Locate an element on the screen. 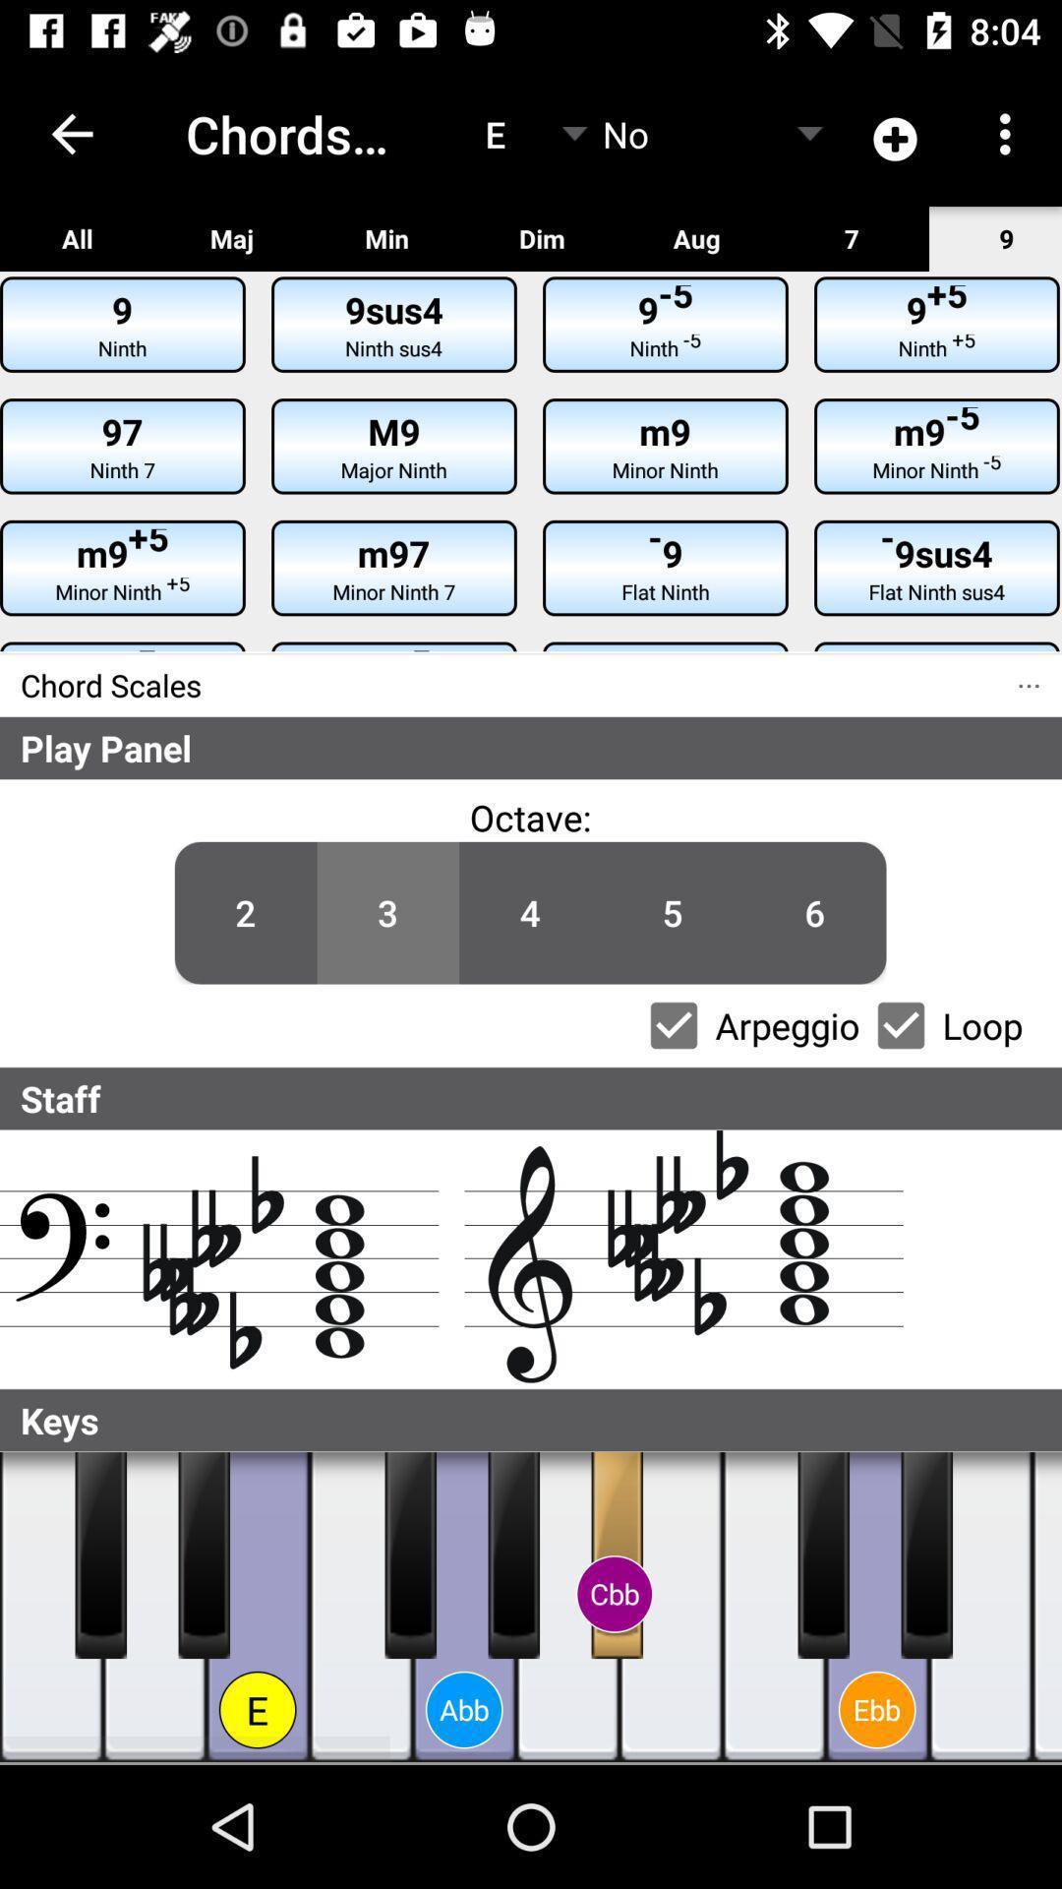 The image size is (1062, 1889). piano key is located at coordinates (204, 1554).